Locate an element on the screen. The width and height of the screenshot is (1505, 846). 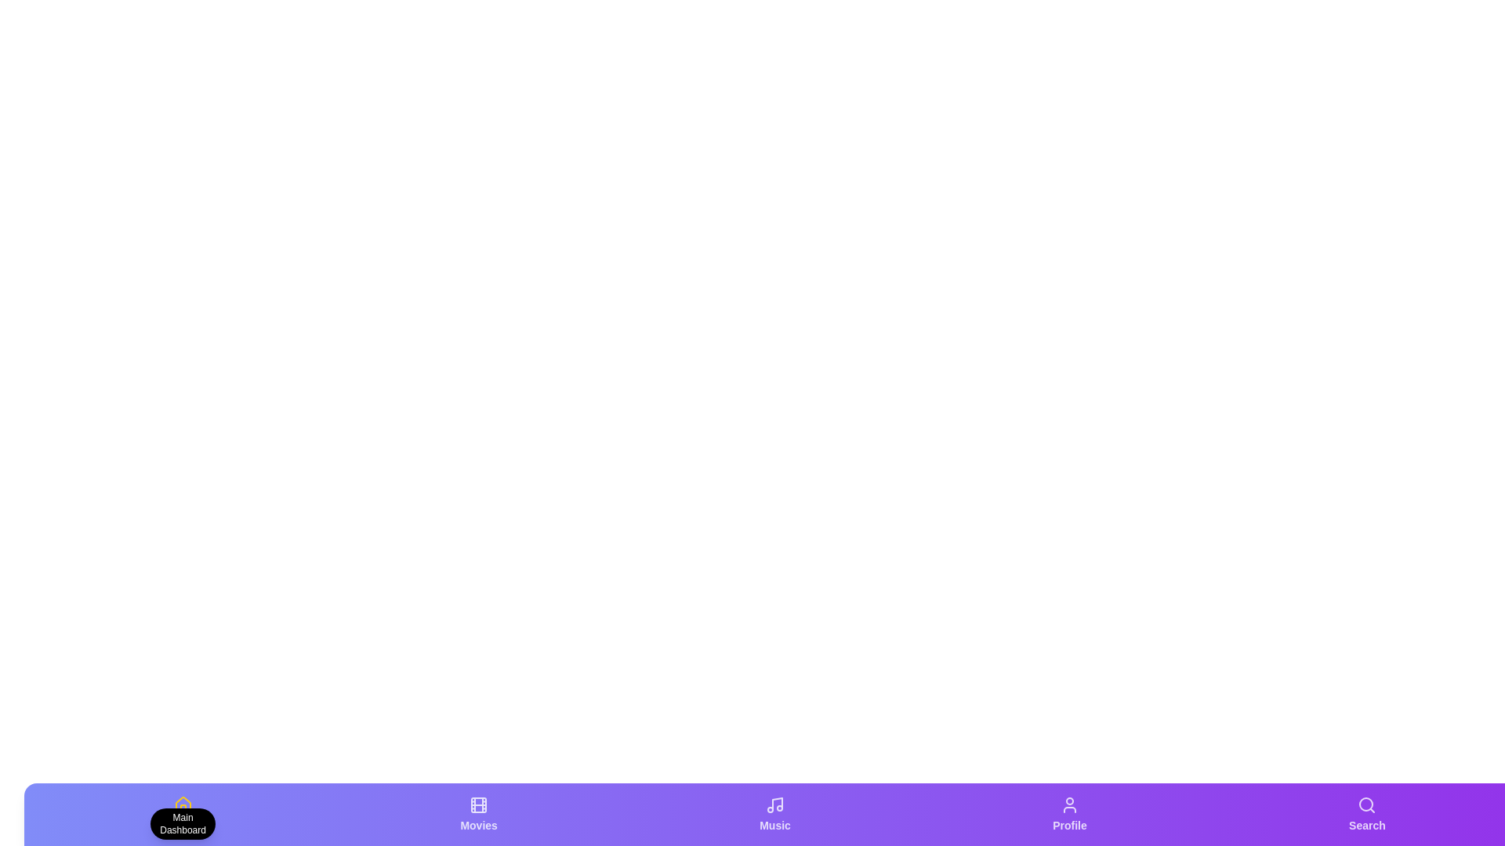
the Search tab by clicking on it is located at coordinates (1365, 814).